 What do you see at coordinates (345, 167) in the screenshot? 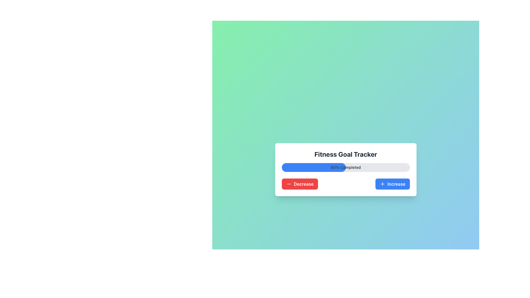
I see `the progress bar indicating '50% Completed' within the 'Fitness Goal Tracker' card` at bounding box center [345, 167].